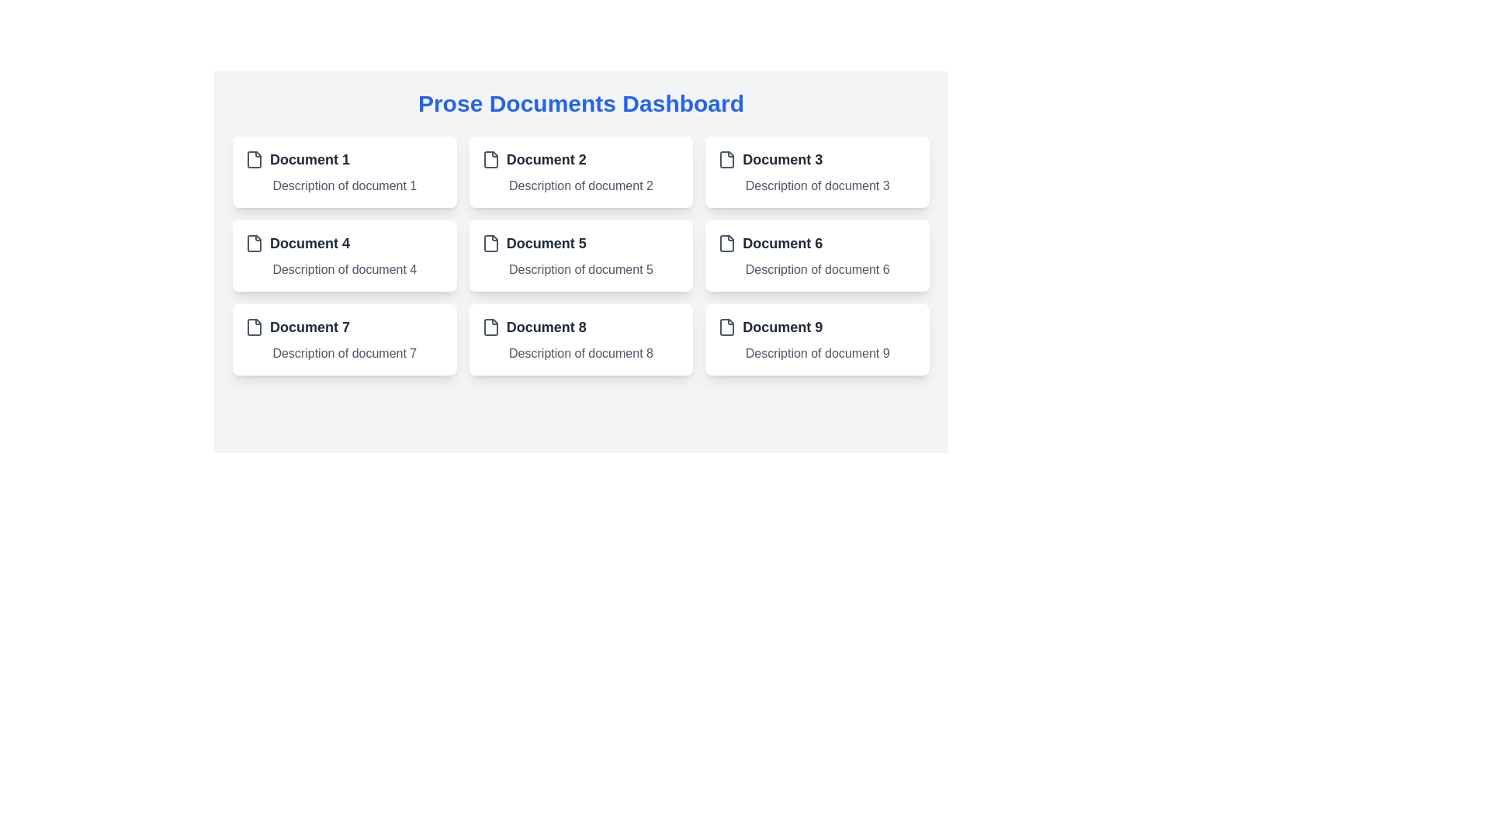 This screenshot has height=838, width=1490. I want to click on the second card in the grid layout with the title 'Document 2', so click(580, 172).